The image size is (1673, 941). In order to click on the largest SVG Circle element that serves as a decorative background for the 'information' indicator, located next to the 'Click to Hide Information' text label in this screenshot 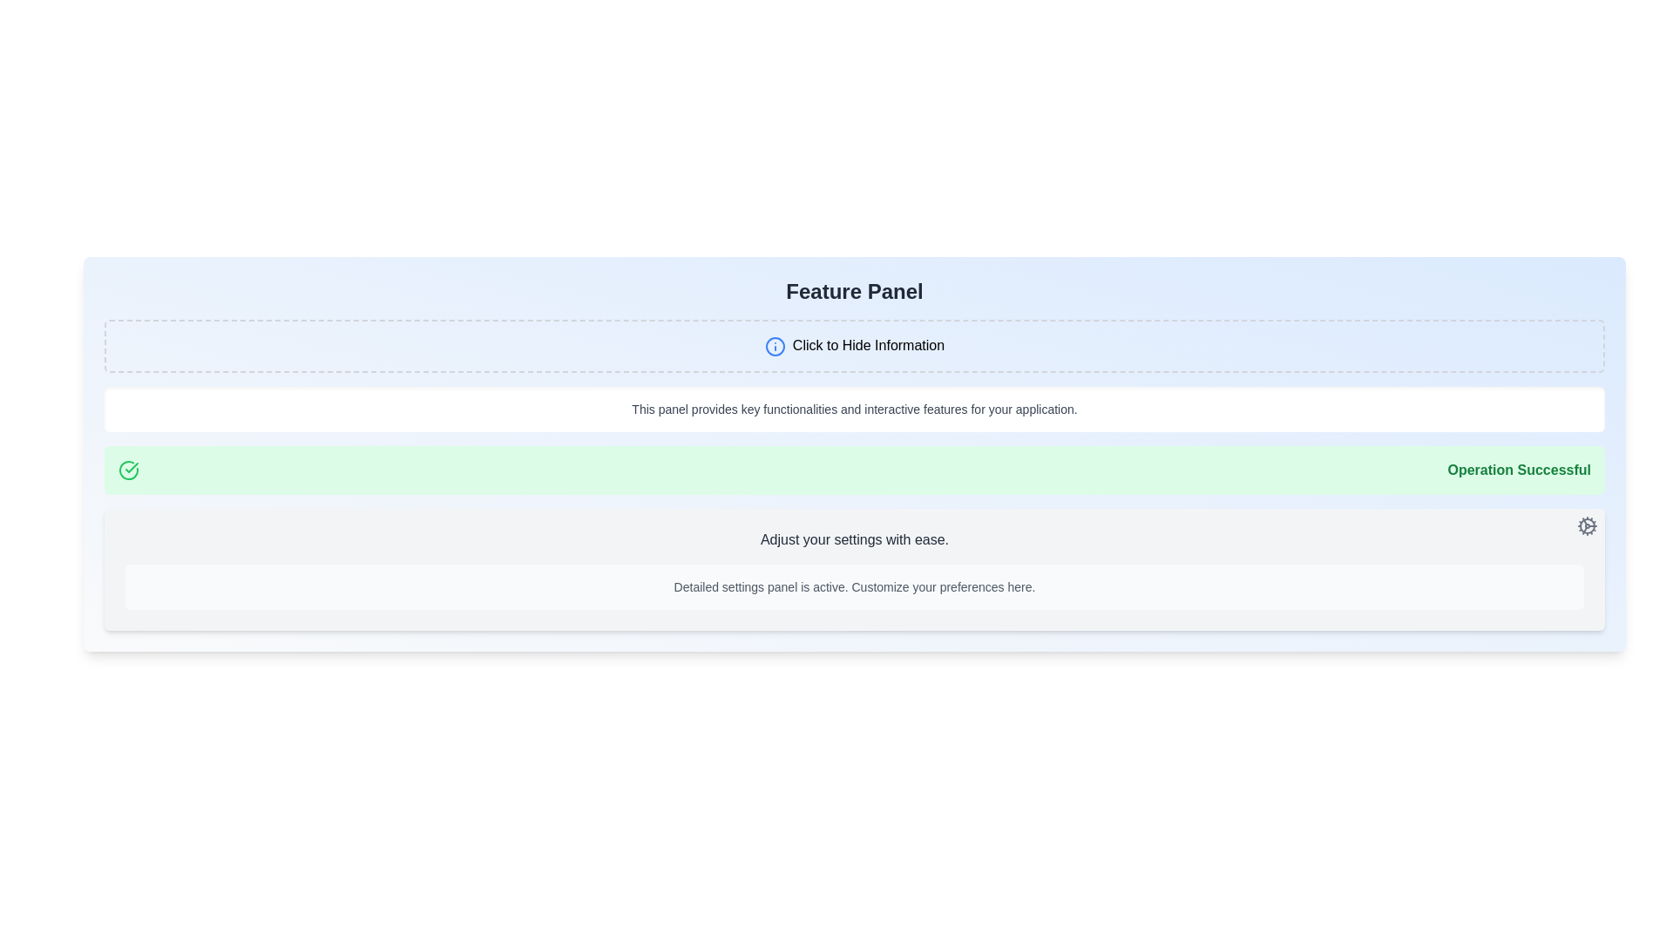, I will do `click(774, 346)`.